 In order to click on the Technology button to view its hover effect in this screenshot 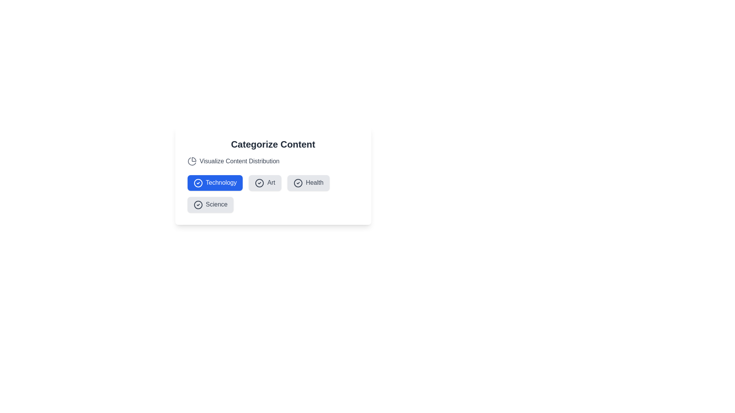, I will do `click(214, 183)`.